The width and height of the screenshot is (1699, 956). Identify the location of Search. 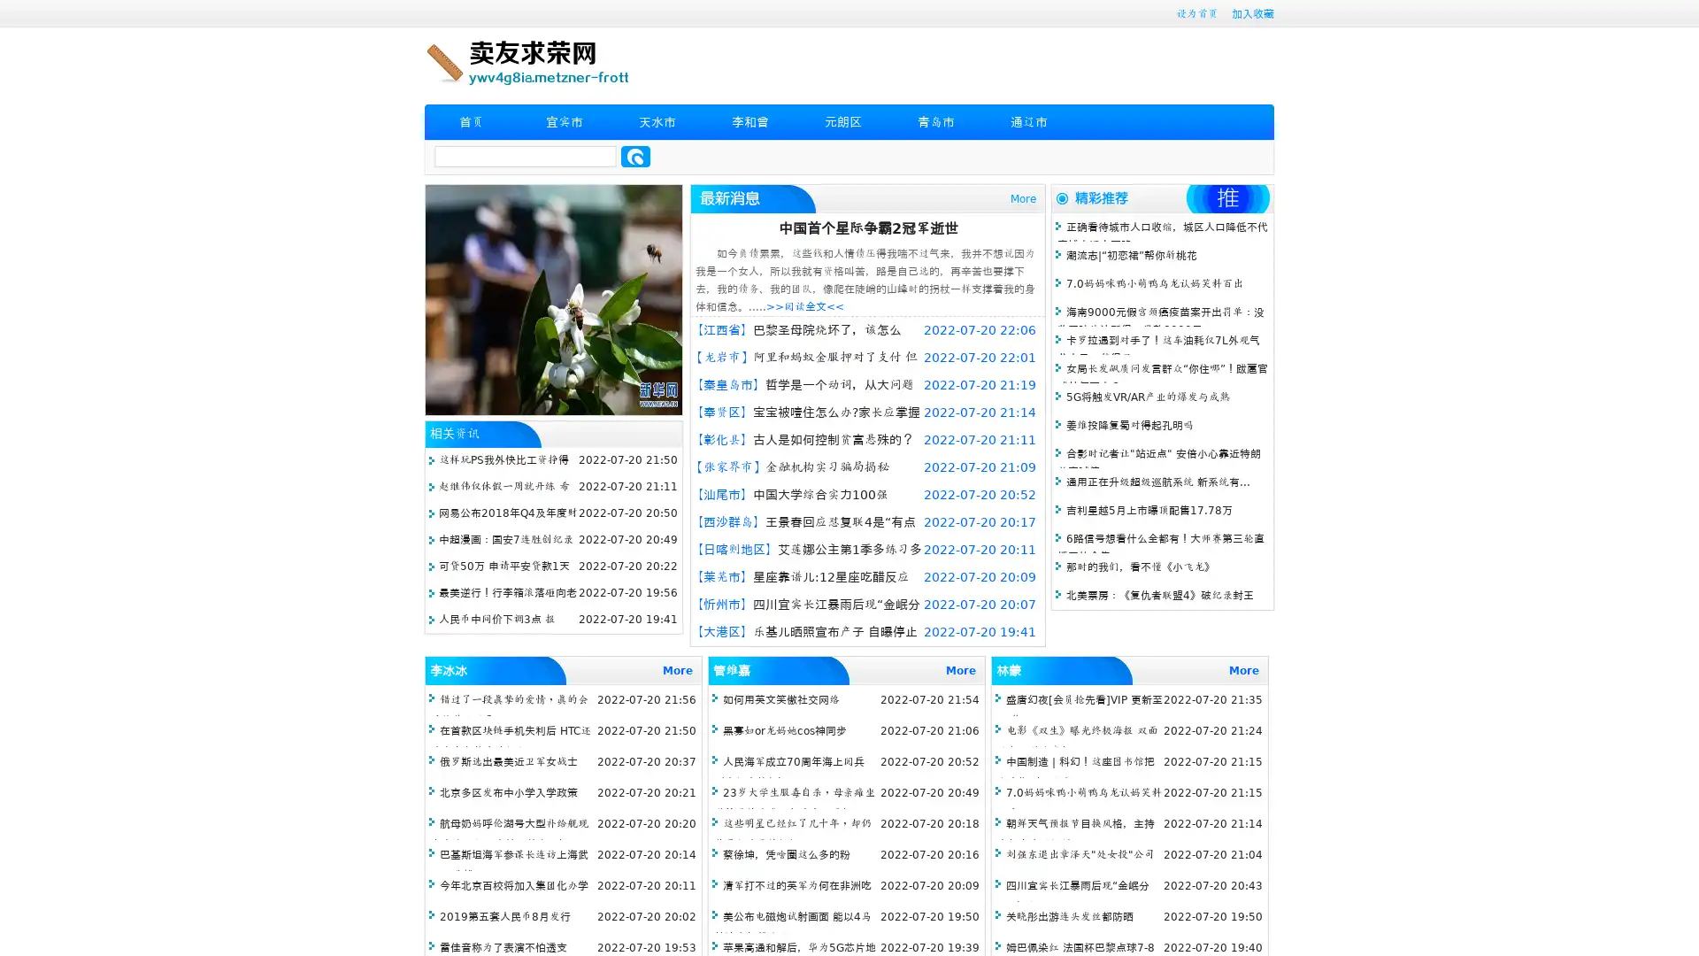
(635, 156).